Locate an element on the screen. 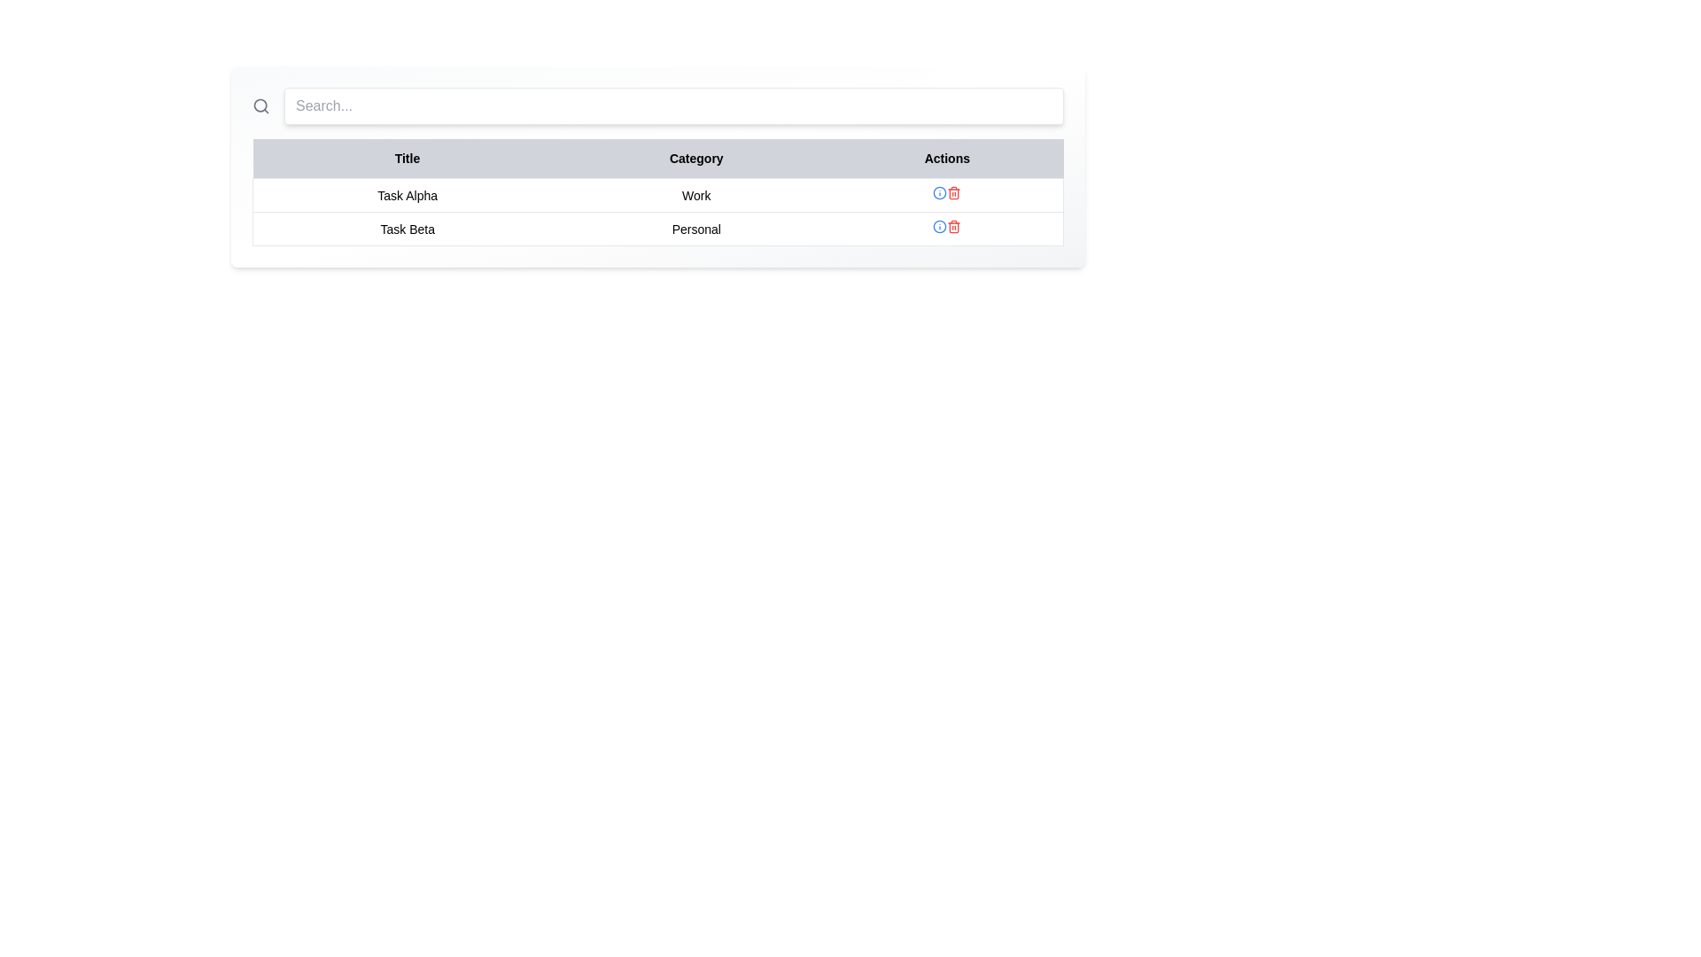 Image resolution: width=1701 pixels, height=957 pixels. the delete button in the 'Actions' column of the second row, adjacent to the blue info icon is located at coordinates (953, 225).